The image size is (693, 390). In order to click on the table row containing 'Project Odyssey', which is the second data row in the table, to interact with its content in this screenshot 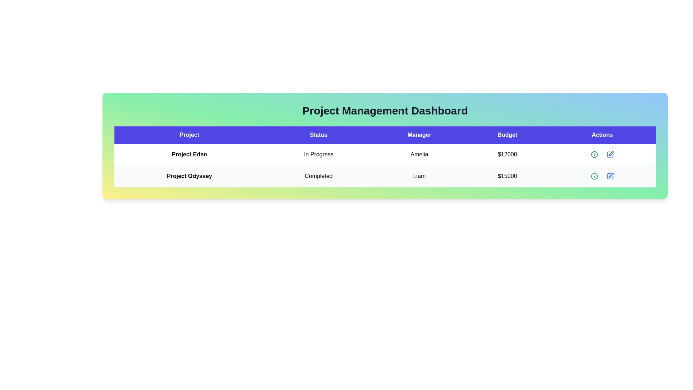, I will do `click(384, 176)`.